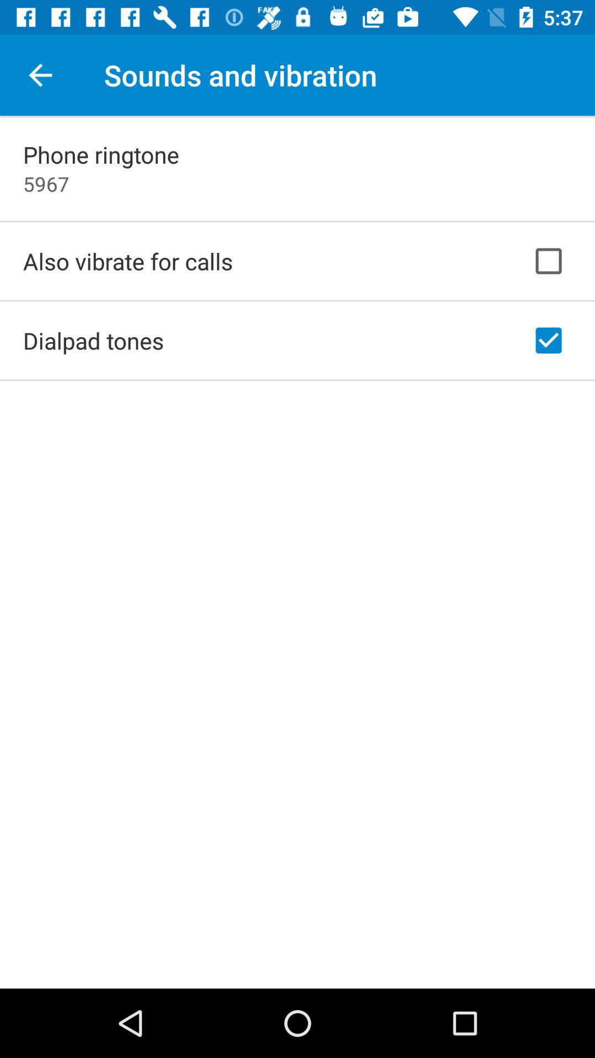 This screenshot has height=1058, width=595. Describe the element at coordinates (101, 154) in the screenshot. I see `phone ringtone item` at that location.